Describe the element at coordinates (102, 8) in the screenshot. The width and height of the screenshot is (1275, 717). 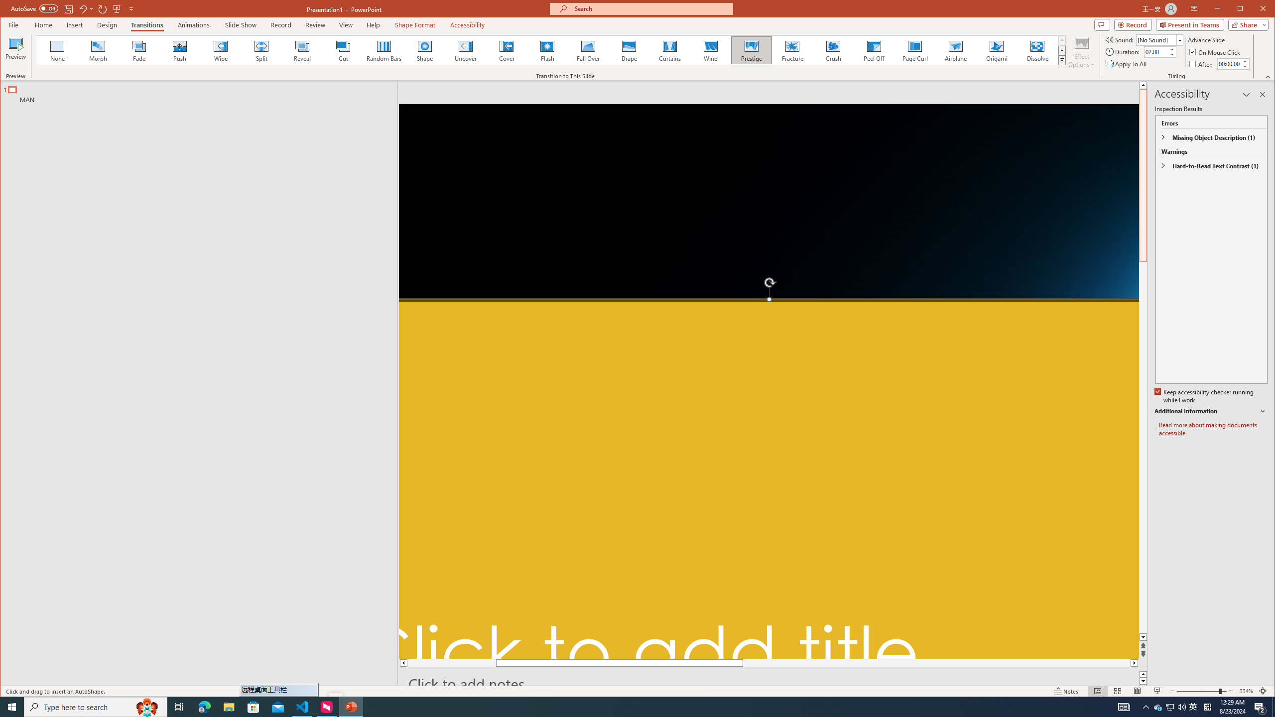
I see `'Redo'` at that location.